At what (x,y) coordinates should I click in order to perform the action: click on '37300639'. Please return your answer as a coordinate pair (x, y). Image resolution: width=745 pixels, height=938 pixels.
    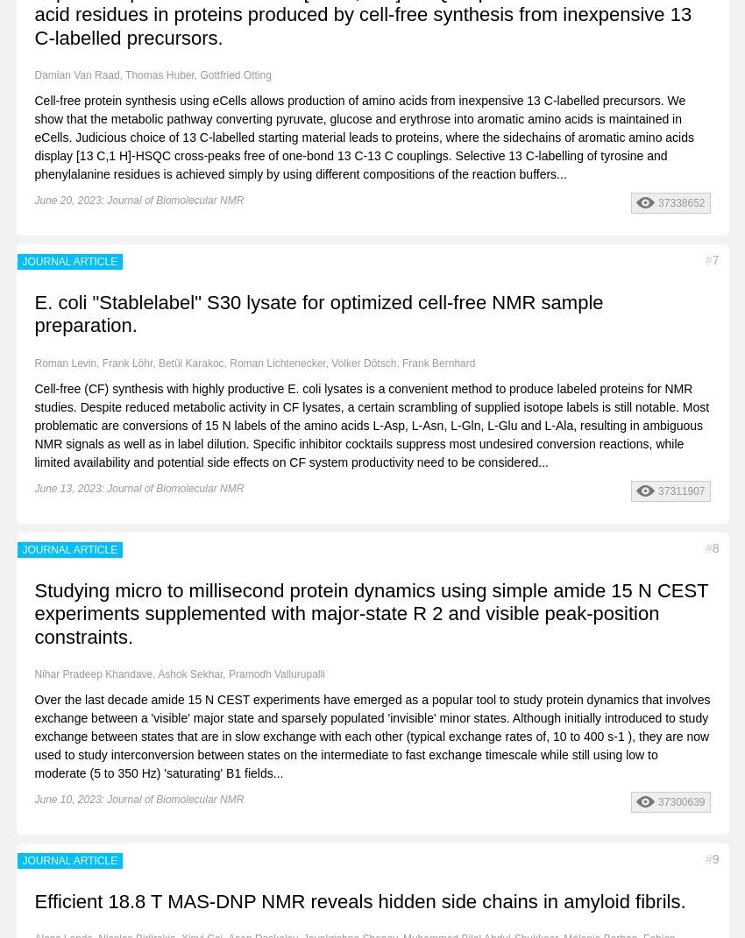
    Looking at the image, I should click on (680, 802).